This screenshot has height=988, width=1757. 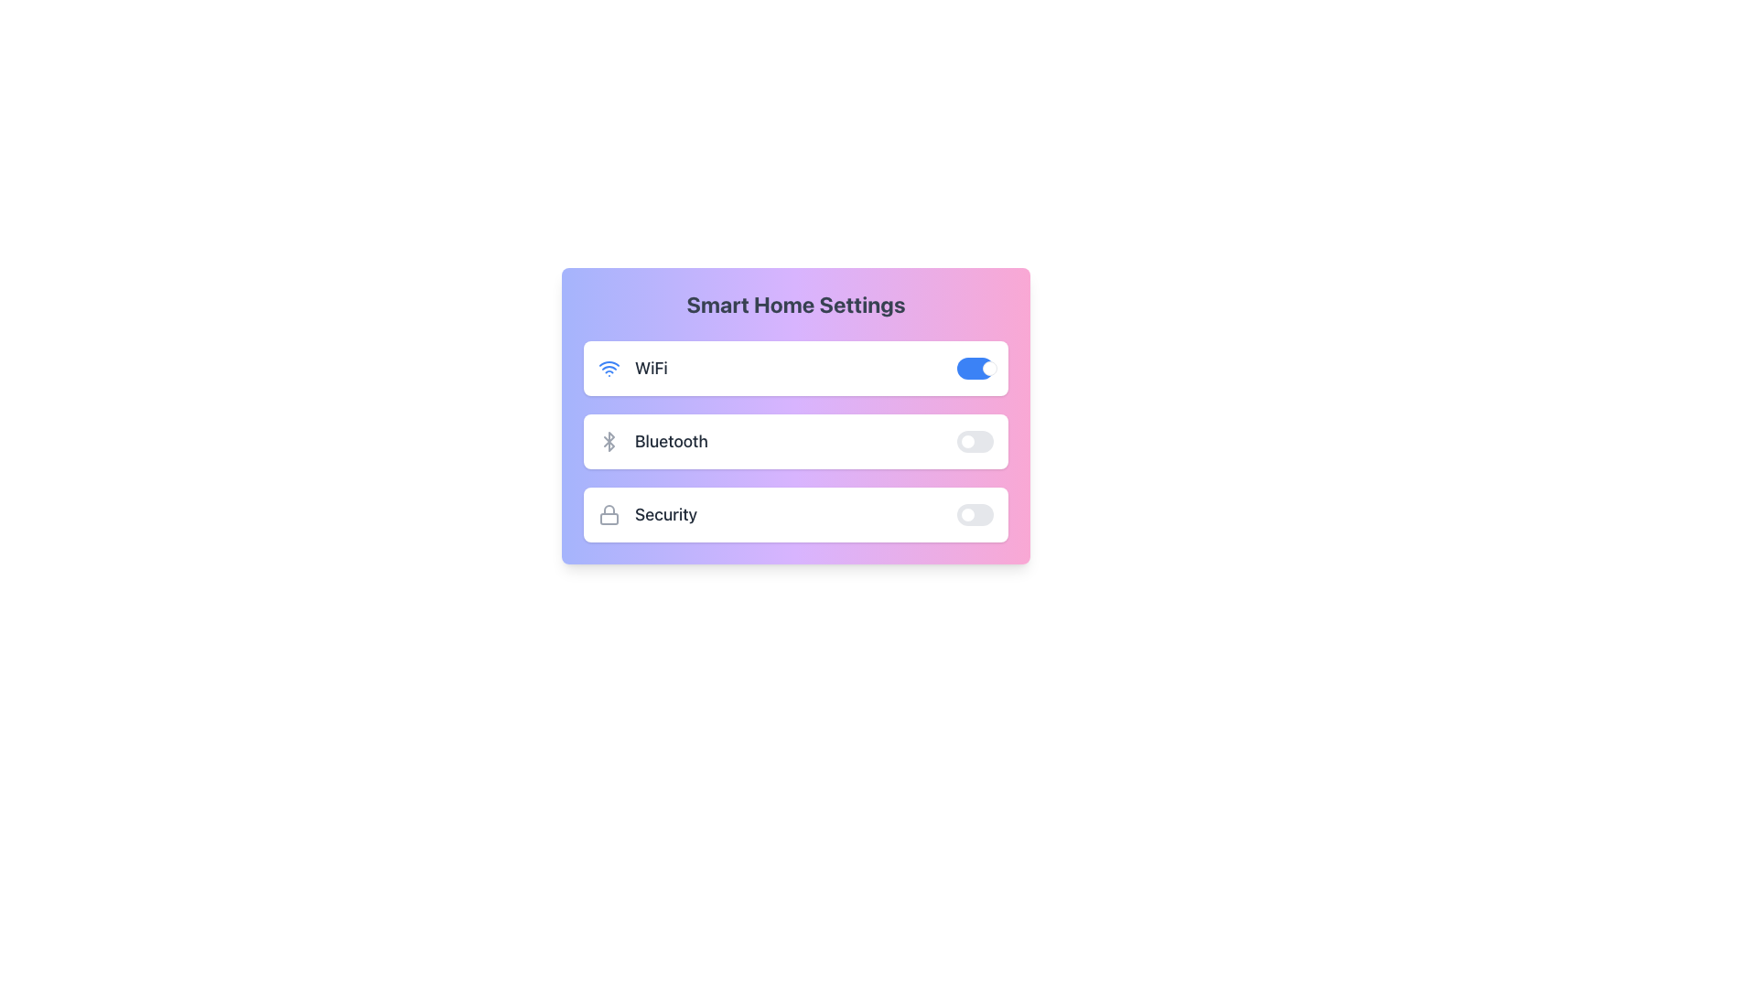 I want to click on the Bluetooth settings label, which is the second item in the vertical list of settings options, positioned below WiFi and above Security, so click(x=652, y=441).